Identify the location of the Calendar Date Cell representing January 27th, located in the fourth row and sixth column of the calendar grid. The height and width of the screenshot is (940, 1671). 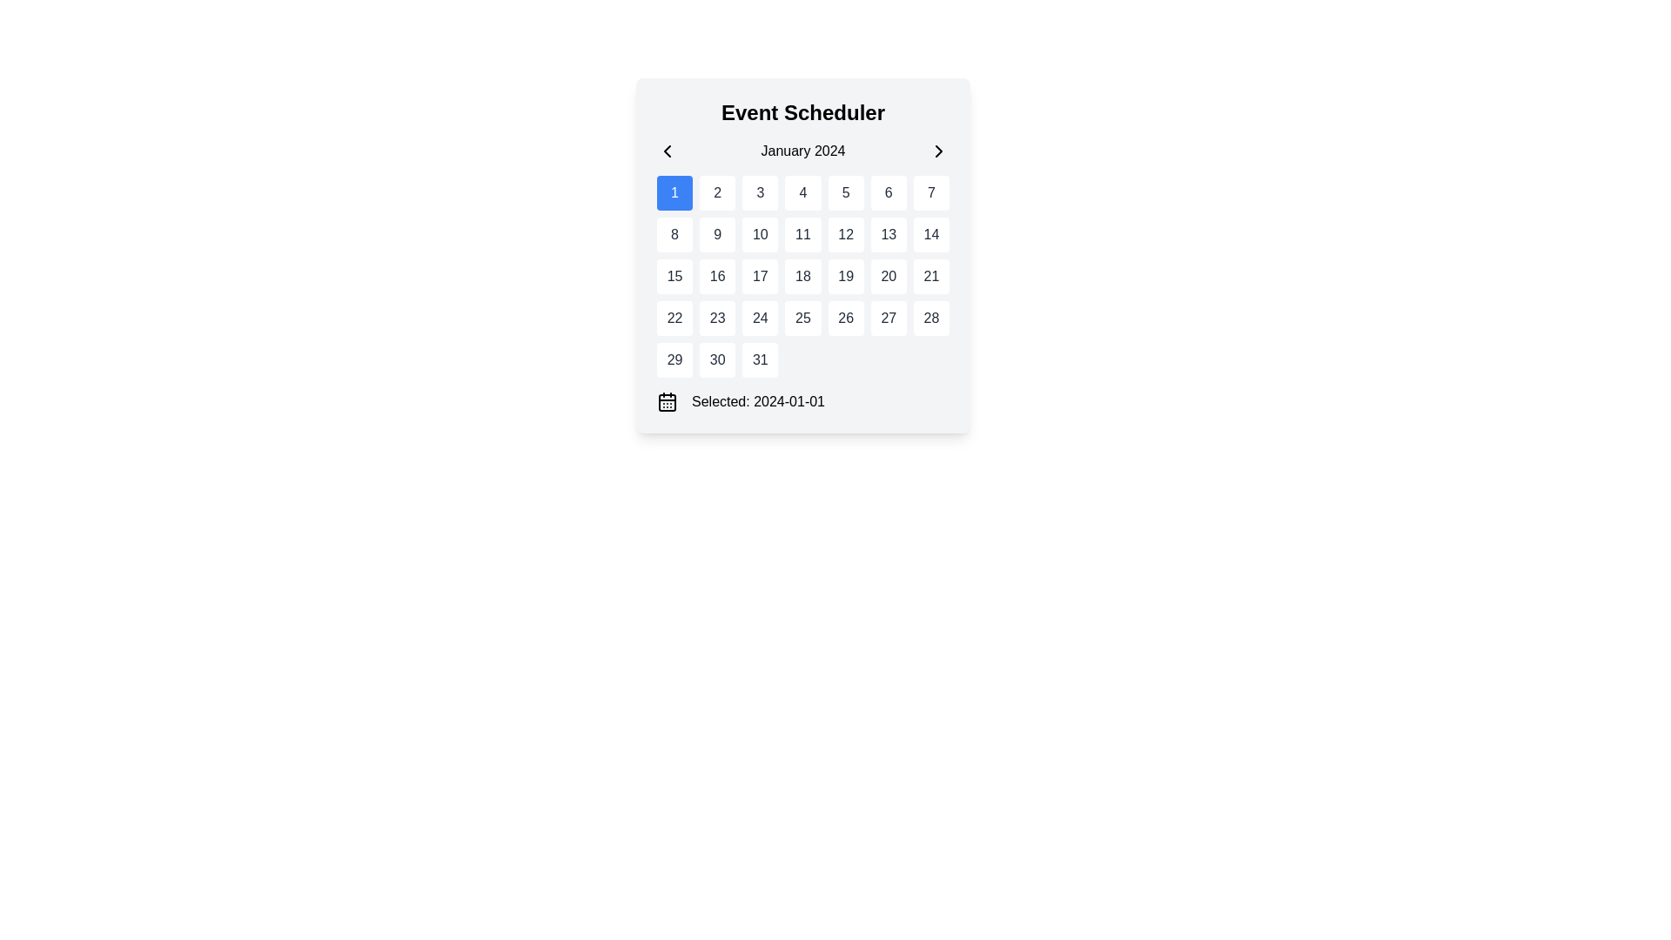
(889, 319).